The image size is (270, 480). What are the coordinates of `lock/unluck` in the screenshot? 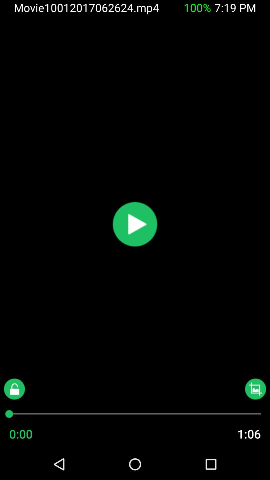 It's located at (14, 389).